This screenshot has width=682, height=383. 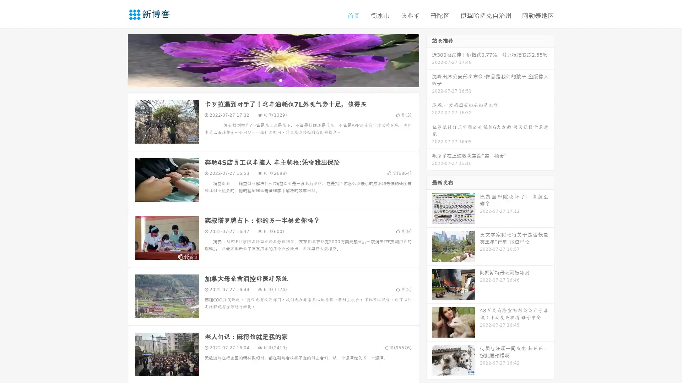 I want to click on Go to slide 2, so click(x=273, y=80).